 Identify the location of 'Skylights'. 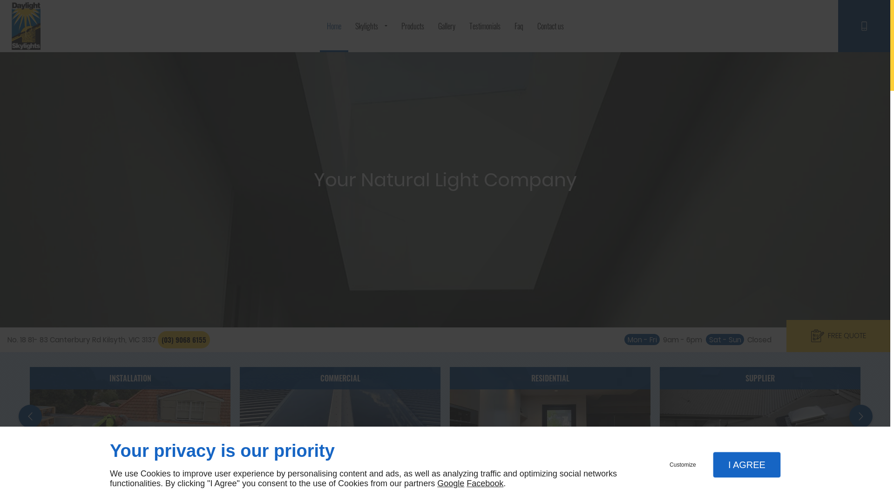
(348, 26).